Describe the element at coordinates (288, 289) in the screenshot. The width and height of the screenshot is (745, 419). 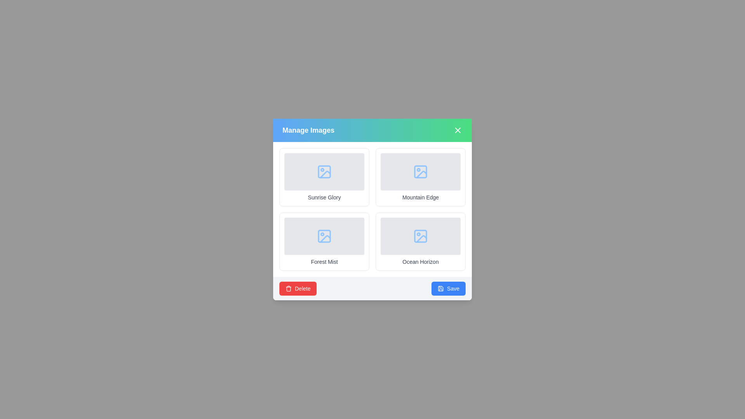
I see `the small trash can icon with a red background located to the left of the 'Delete' button text at the bottom left corner of the interface` at that location.